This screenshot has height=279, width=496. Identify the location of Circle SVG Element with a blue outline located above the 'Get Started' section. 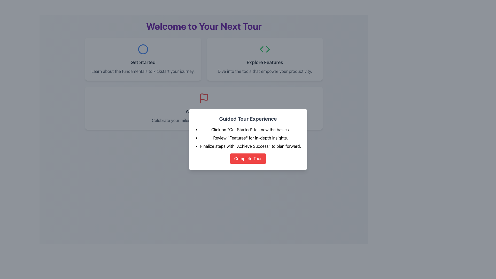
(143, 49).